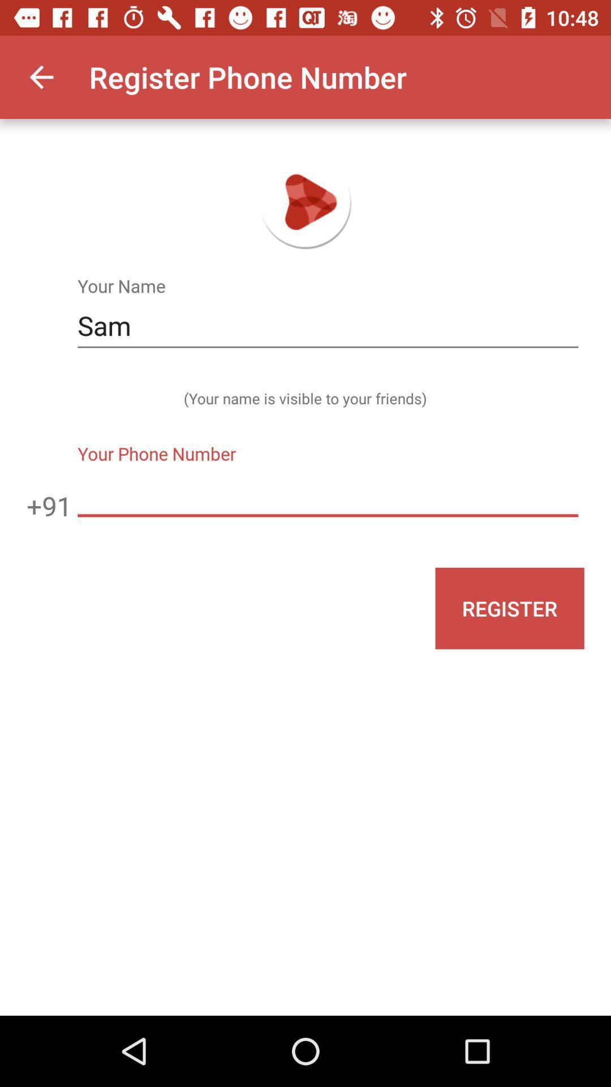 The image size is (611, 1087). Describe the element at coordinates (328, 326) in the screenshot. I see `the item above the your name is icon` at that location.